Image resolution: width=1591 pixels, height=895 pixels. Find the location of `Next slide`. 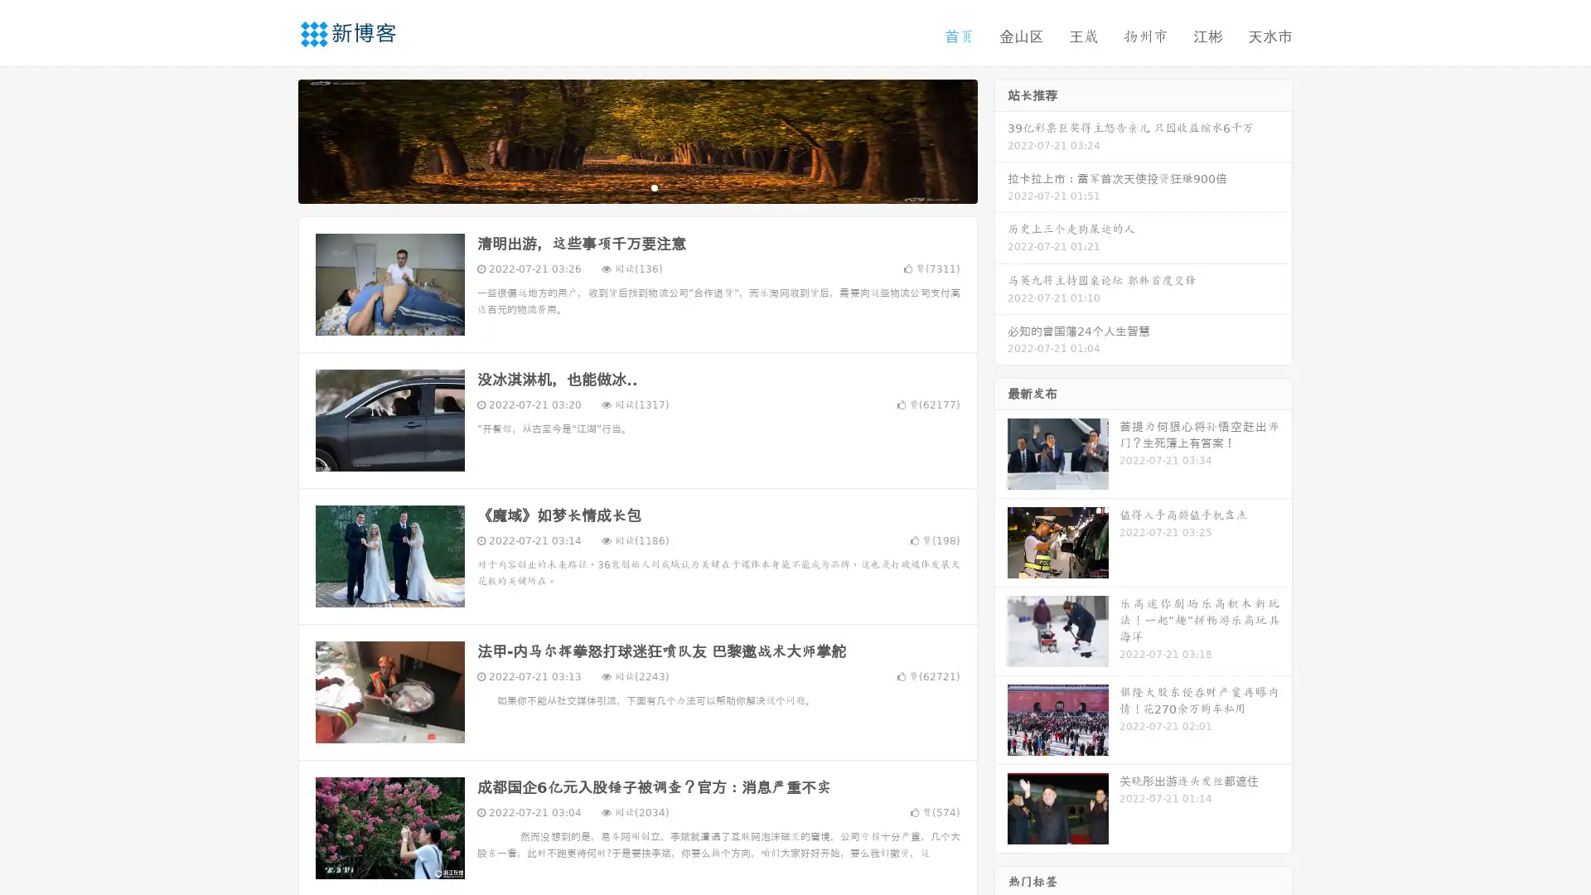

Next slide is located at coordinates (1001, 139).